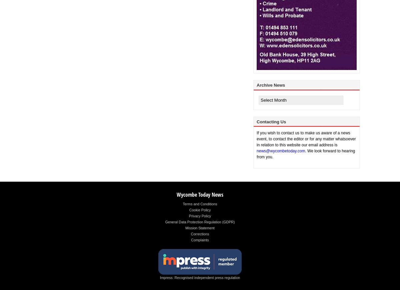 This screenshot has width=400, height=290. Describe the element at coordinates (270, 85) in the screenshot. I see `'Archive News'` at that location.